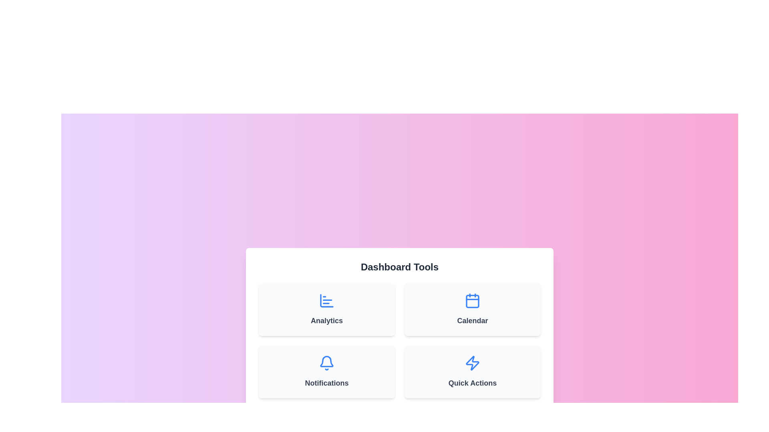  What do you see at coordinates (327, 301) in the screenshot?
I see `the decorative icon fragment representing analytics within the 'Analytics' box in the dashboard tools section` at bounding box center [327, 301].